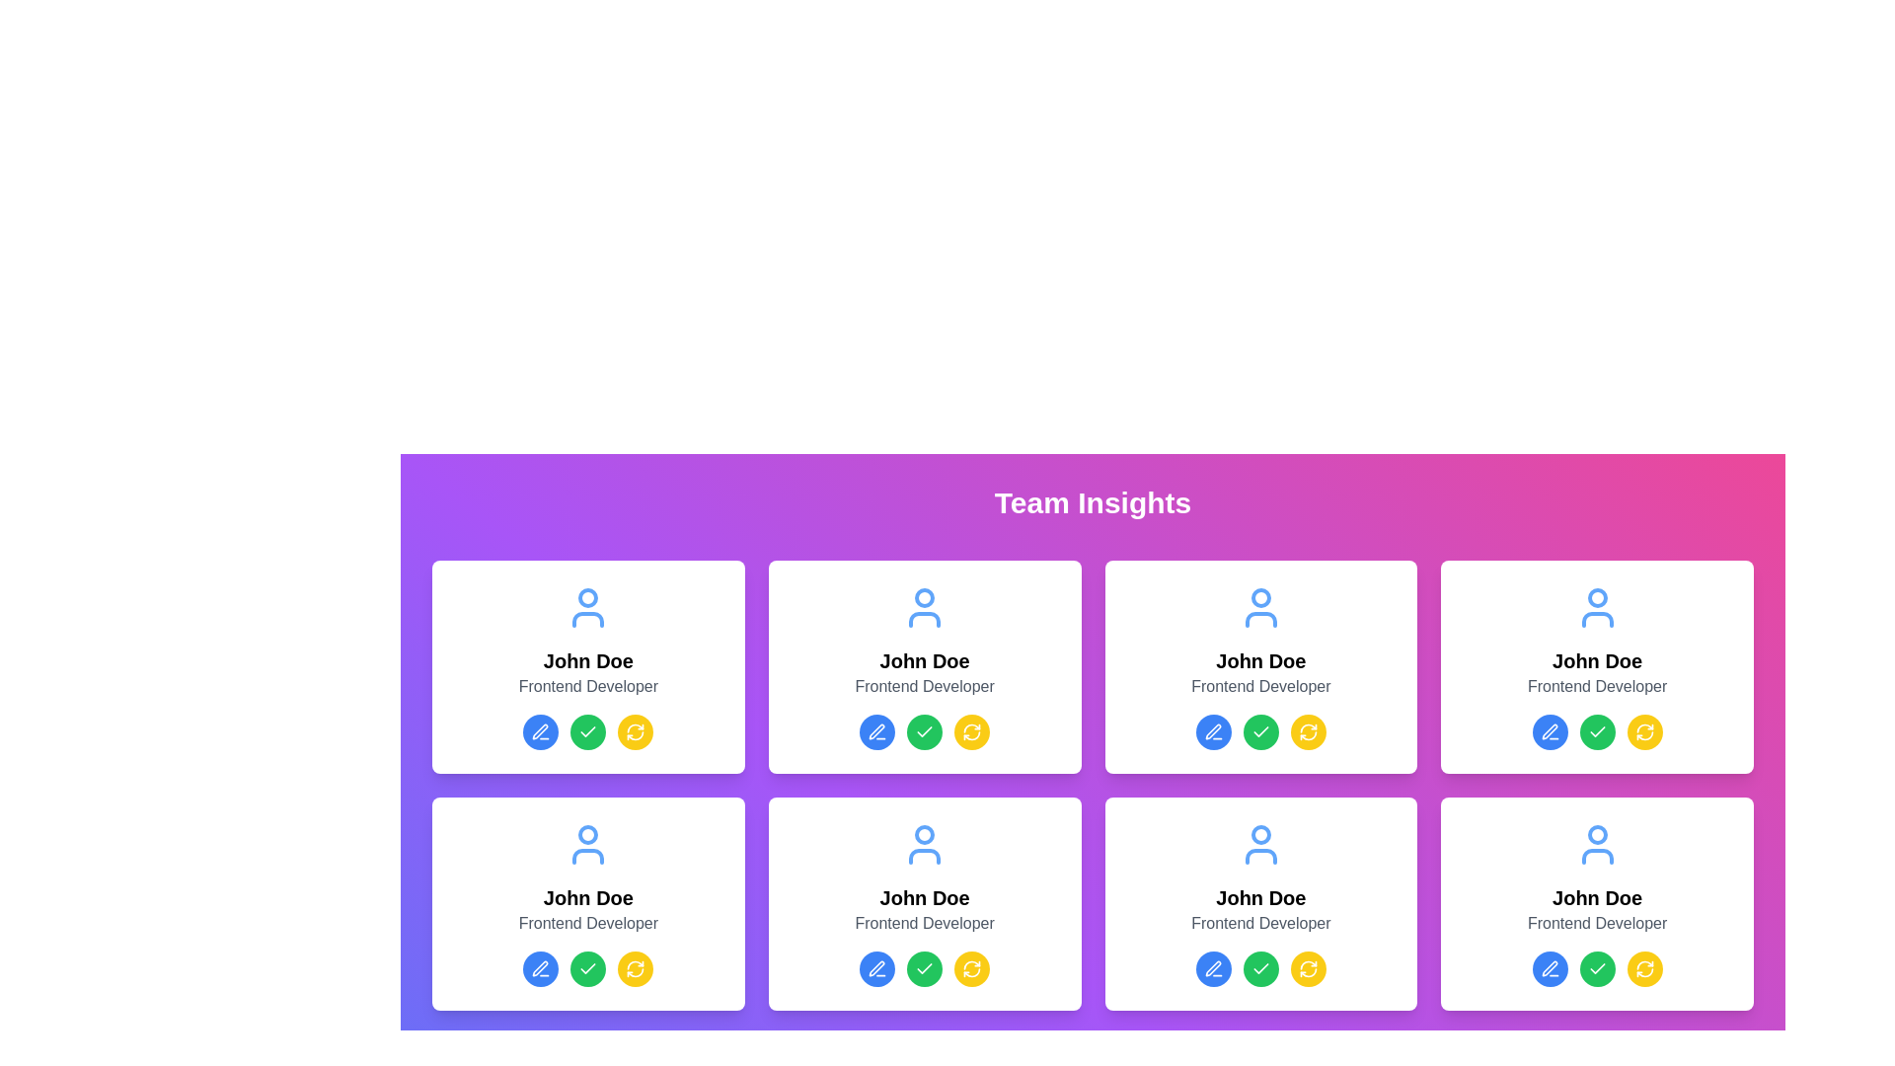 This screenshot has height=1066, width=1895. What do you see at coordinates (1259, 844) in the screenshot?
I see `the light blue person icon located within the card labeled 'John Doe' and 'Frontend Developer' in the 'Team Insights' section` at bounding box center [1259, 844].